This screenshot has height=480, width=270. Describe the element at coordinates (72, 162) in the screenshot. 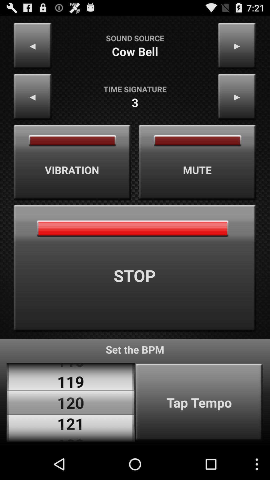

I see `icon above stop` at that location.